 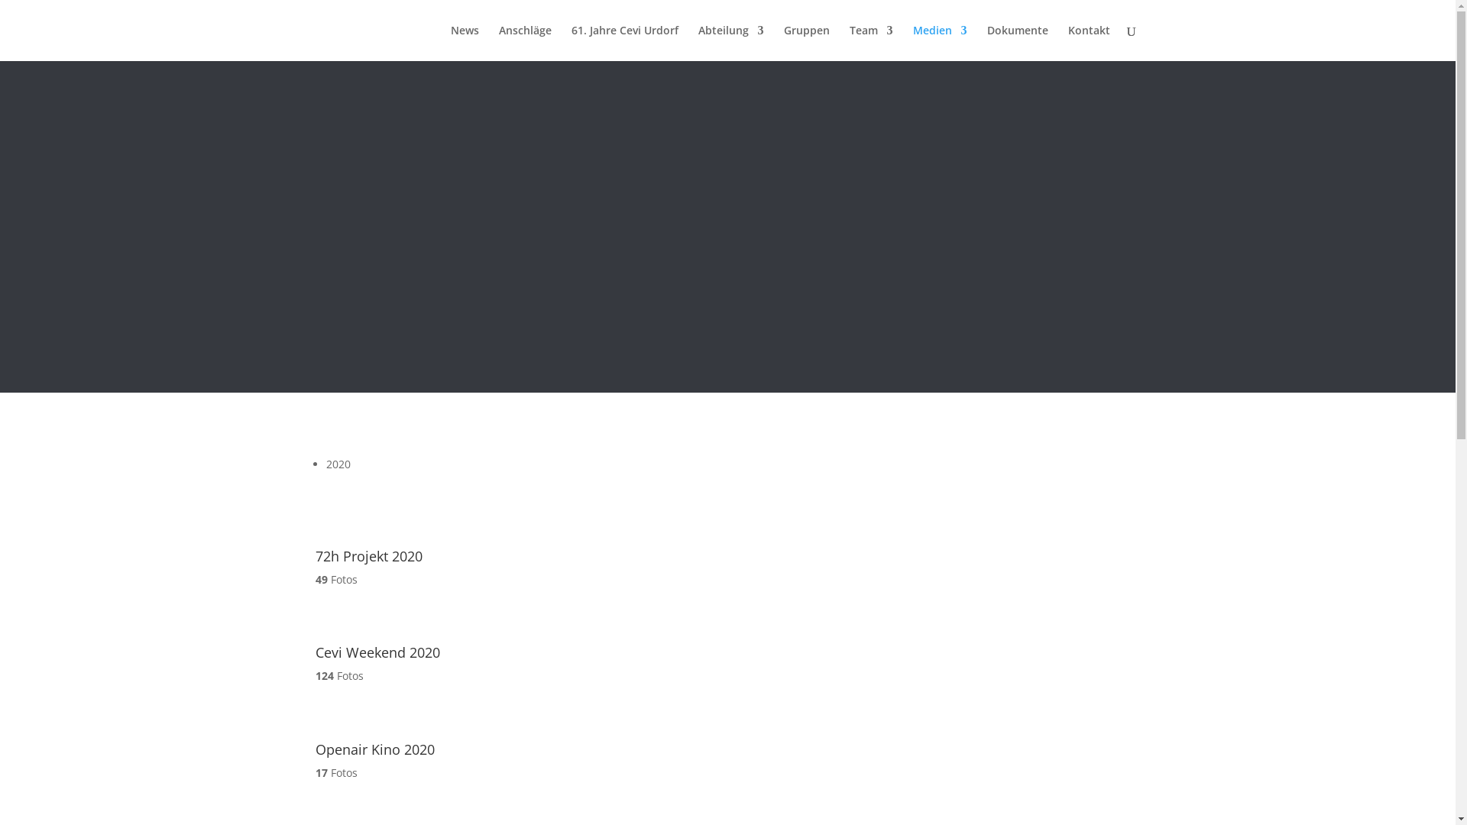 What do you see at coordinates (348, 636) in the screenshot?
I see `'Cevi Weekend 2020'` at bounding box center [348, 636].